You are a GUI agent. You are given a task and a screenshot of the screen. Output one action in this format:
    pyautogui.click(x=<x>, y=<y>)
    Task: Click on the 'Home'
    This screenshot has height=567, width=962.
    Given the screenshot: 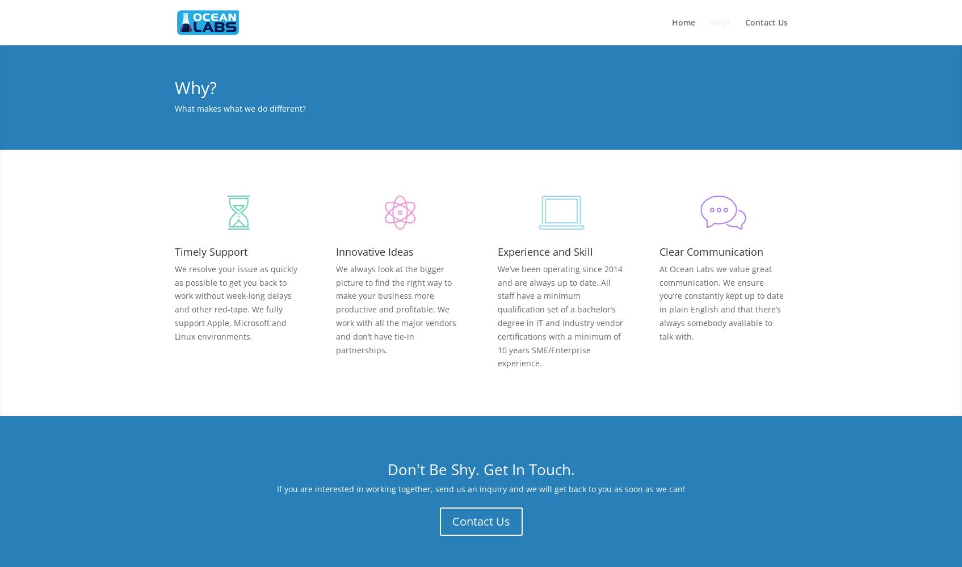 What is the action you would take?
    pyautogui.click(x=683, y=22)
    